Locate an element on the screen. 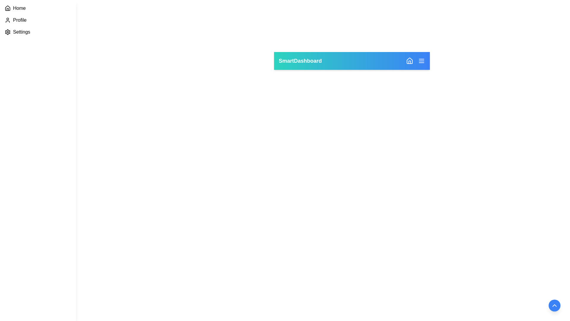 The image size is (570, 321). the settings icon (gear icon) located in the sidebar menu next to the 'Settings' text is located at coordinates (7, 32).